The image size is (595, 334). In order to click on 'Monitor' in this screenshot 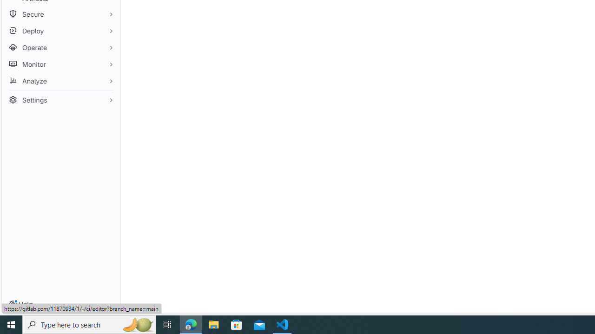, I will do `click(60, 64)`.